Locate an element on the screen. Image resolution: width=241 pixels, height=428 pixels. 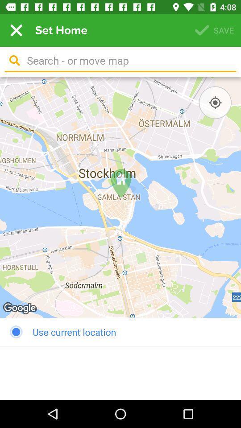
the use current location item is located at coordinates (120, 331).